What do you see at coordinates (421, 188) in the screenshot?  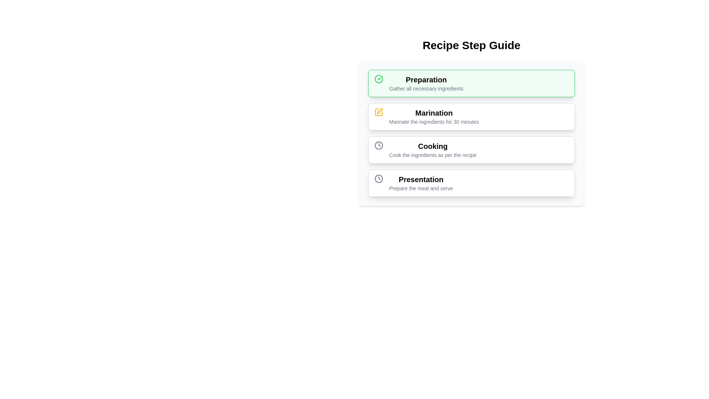 I see `text label that says 'Prepare the meal and serve', which is located directly beneath the 'Presentation' title in the fourth section of the recipe steps` at bounding box center [421, 188].